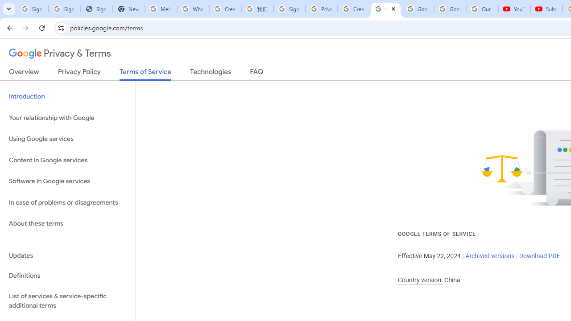 The width and height of the screenshot is (571, 321). I want to click on 'New Tab', so click(128, 9).